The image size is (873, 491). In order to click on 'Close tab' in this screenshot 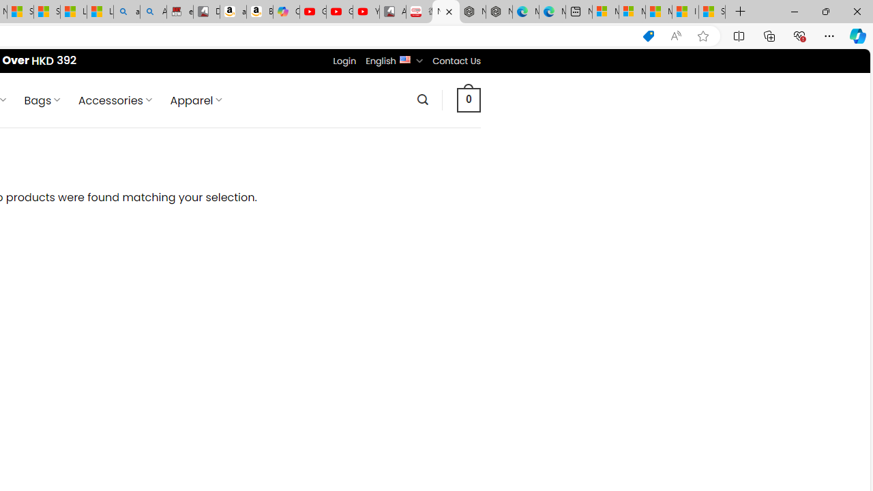, I will do `click(449, 12)`.